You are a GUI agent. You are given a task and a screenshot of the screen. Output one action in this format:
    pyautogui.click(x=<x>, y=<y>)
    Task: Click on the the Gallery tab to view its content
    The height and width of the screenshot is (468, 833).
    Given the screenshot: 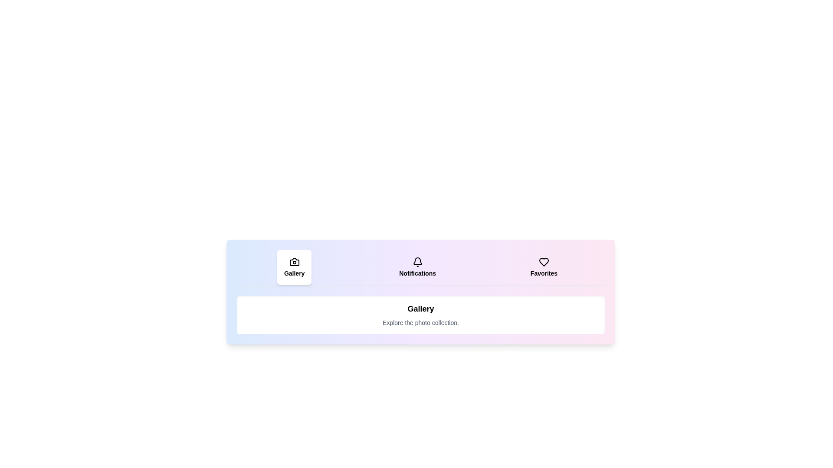 What is the action you would take?
    pyautogui.click(x=294, y=267)
    